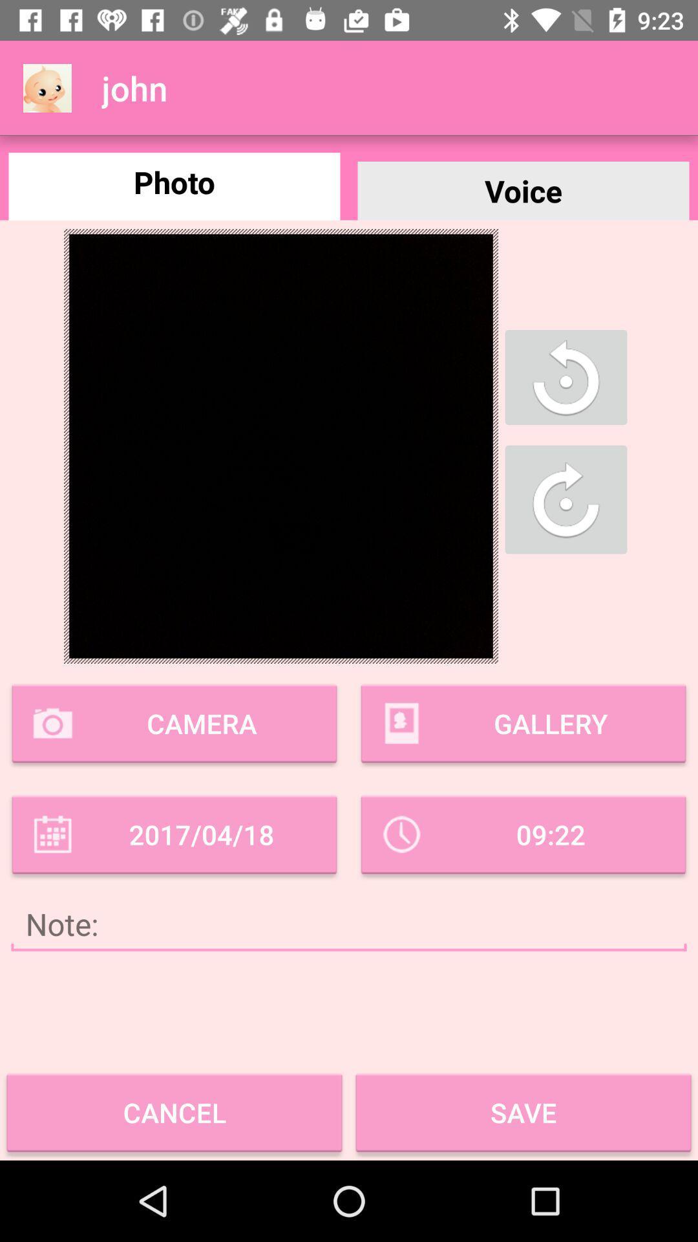 The image size is (698, 1242). Describe the element at coordinates (523, 723) in the screenshot. I see `gallery` at that location.